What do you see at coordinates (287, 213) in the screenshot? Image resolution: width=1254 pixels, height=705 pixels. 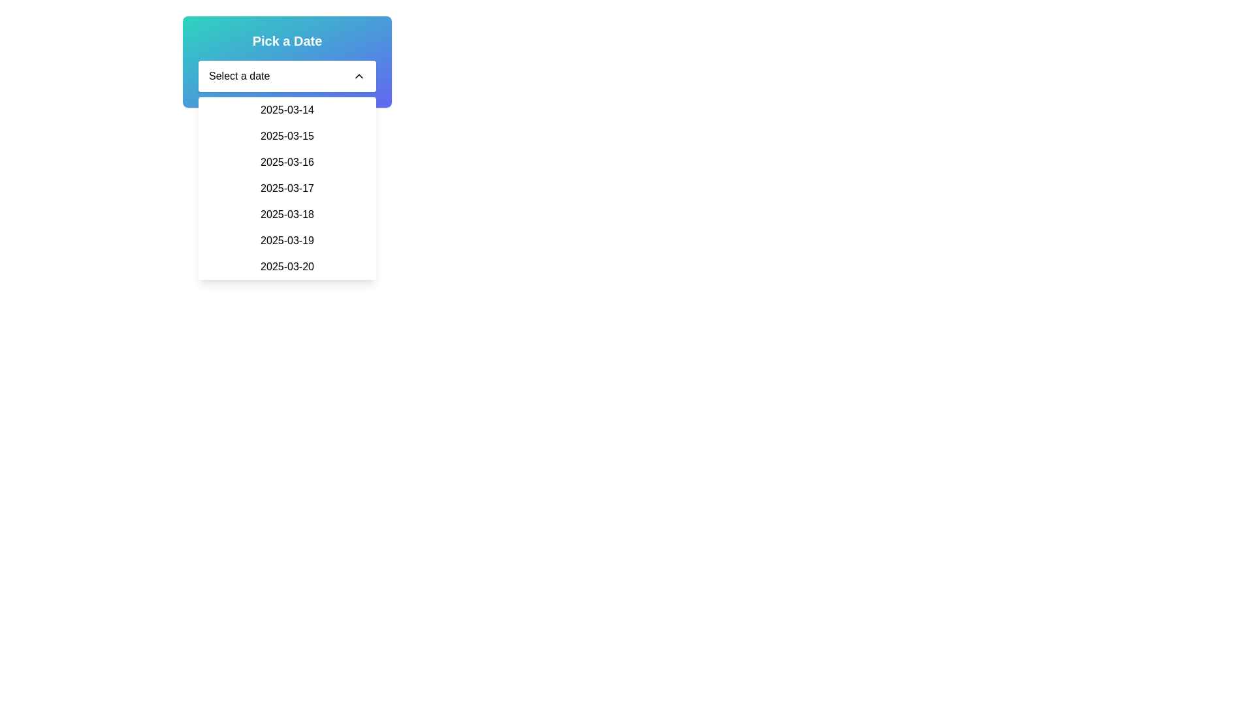 I see `the list item displaying the date '2025-03-18' in the dropdown menu` at bounding box center [287, 213].